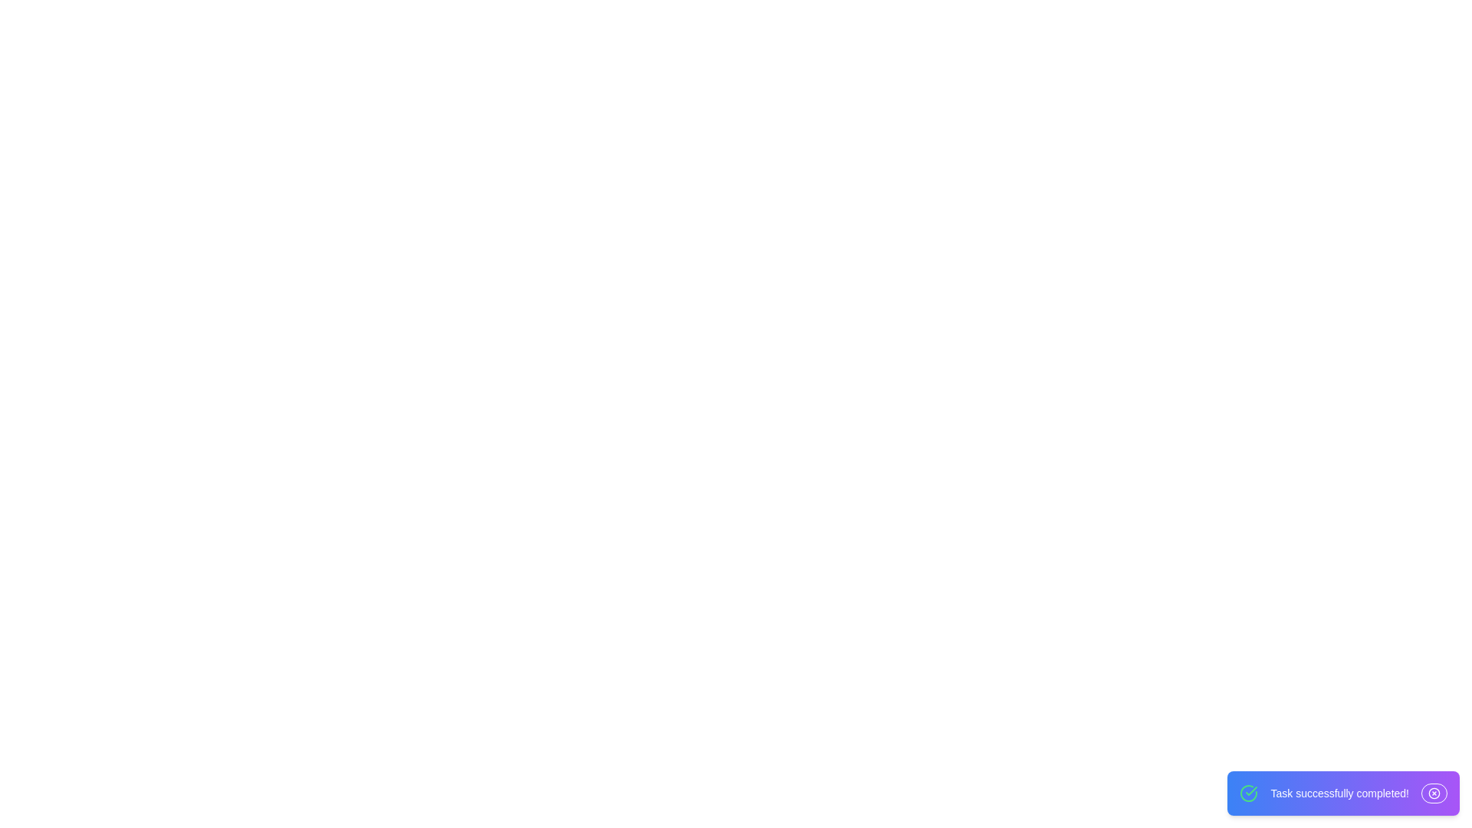 The height and width of the screenshot is (828, 1472). Describe the element at coordinates (1339, 793) in the screenshot. I see `static text message 'Task successfully completed!' displayed in white on a vivid gradient background, located at the bottom right corner of the notification component` at that location.